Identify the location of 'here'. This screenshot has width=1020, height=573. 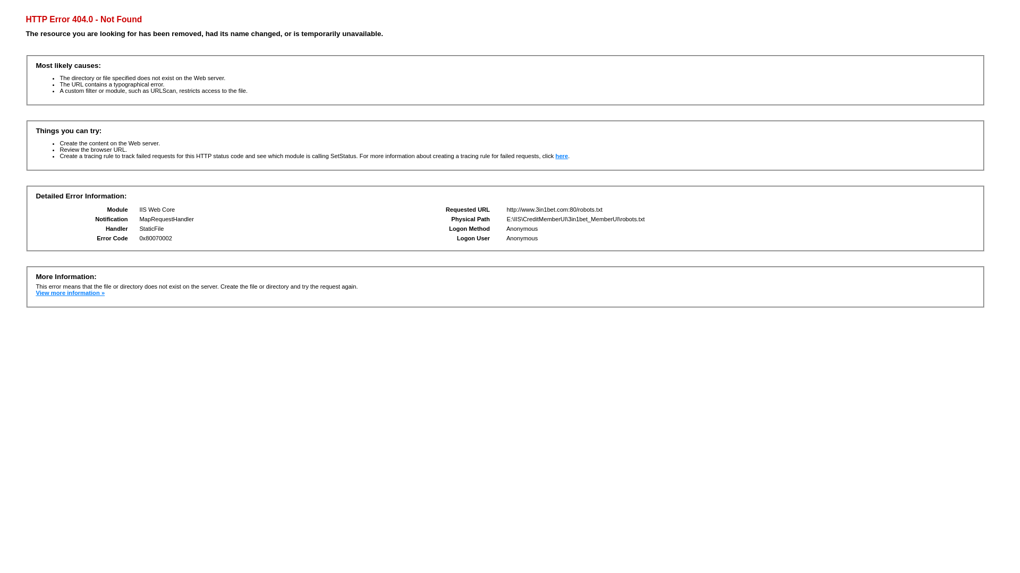
(561, 155).